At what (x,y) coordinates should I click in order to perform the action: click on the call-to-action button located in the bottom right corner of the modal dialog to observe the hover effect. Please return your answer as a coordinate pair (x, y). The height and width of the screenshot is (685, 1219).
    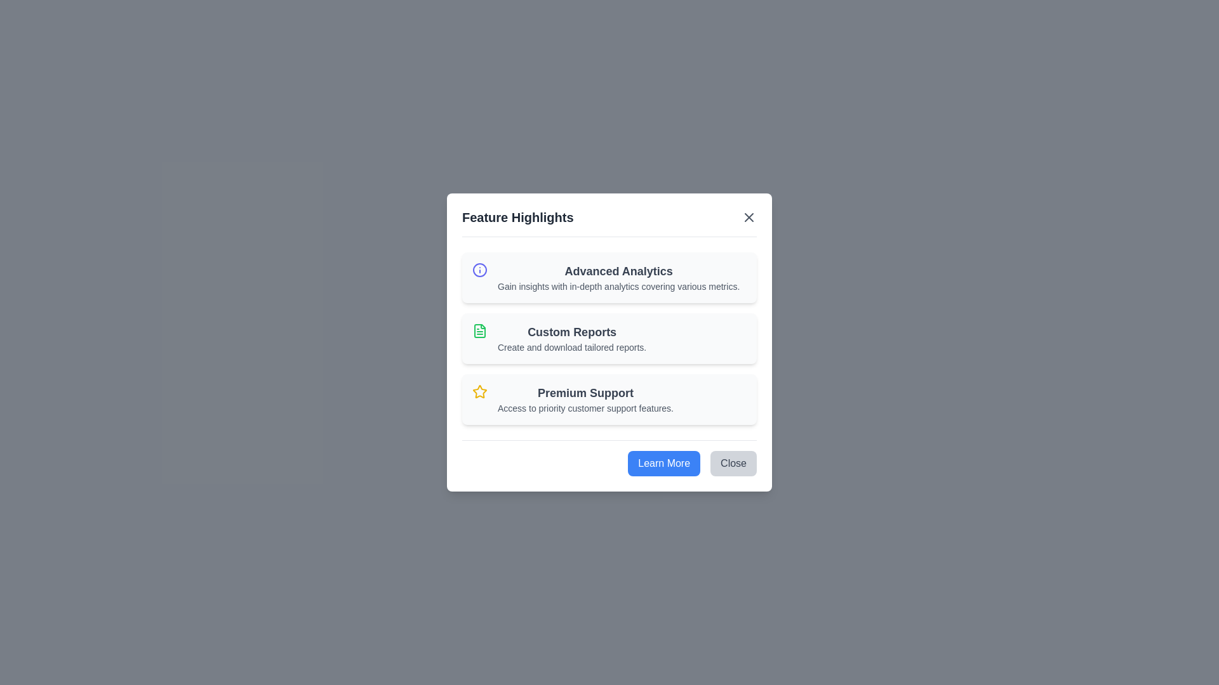
    Looking at the image, I should click on (663, 464).